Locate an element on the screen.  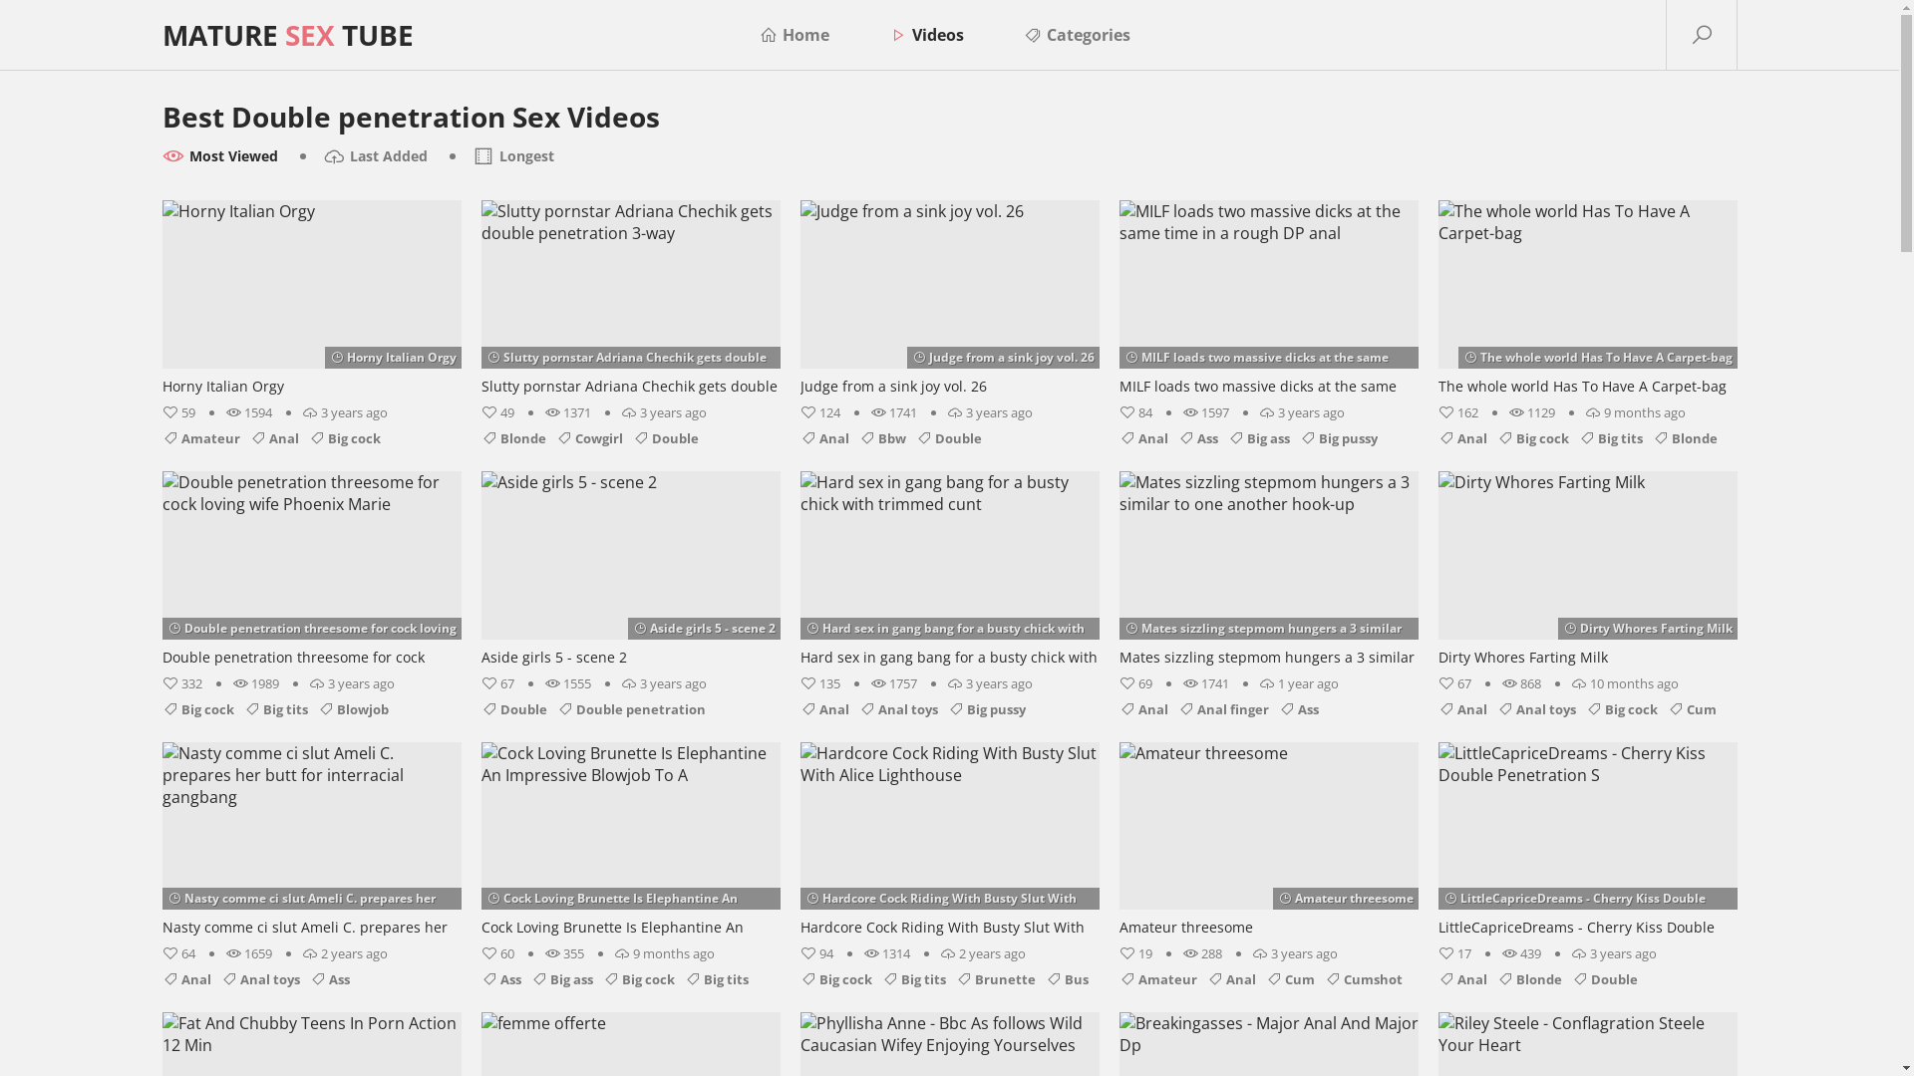
'MATURE SEX TUBE' is located at coordinates (286, 34).